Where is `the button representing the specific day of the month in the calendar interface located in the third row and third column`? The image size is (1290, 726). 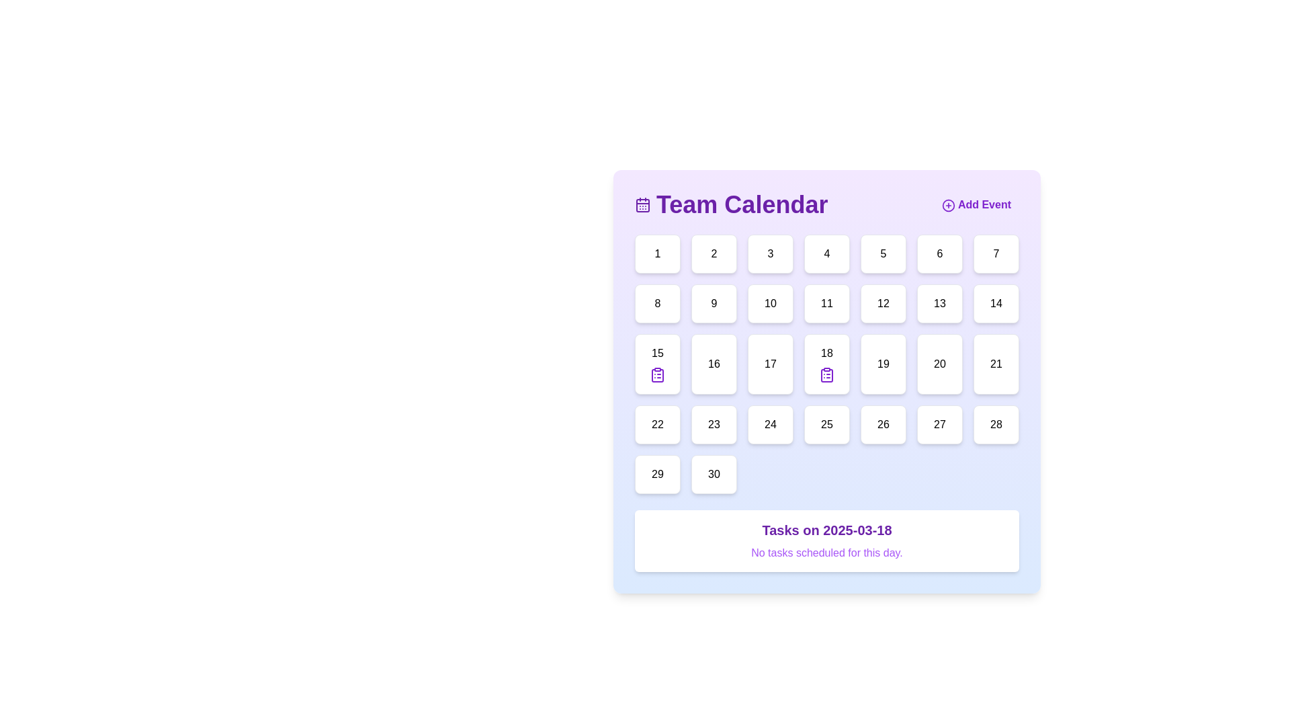
the button representing the specific day of the month in the calendar interface located in the third row and third column is located at coordinates (771, 364).